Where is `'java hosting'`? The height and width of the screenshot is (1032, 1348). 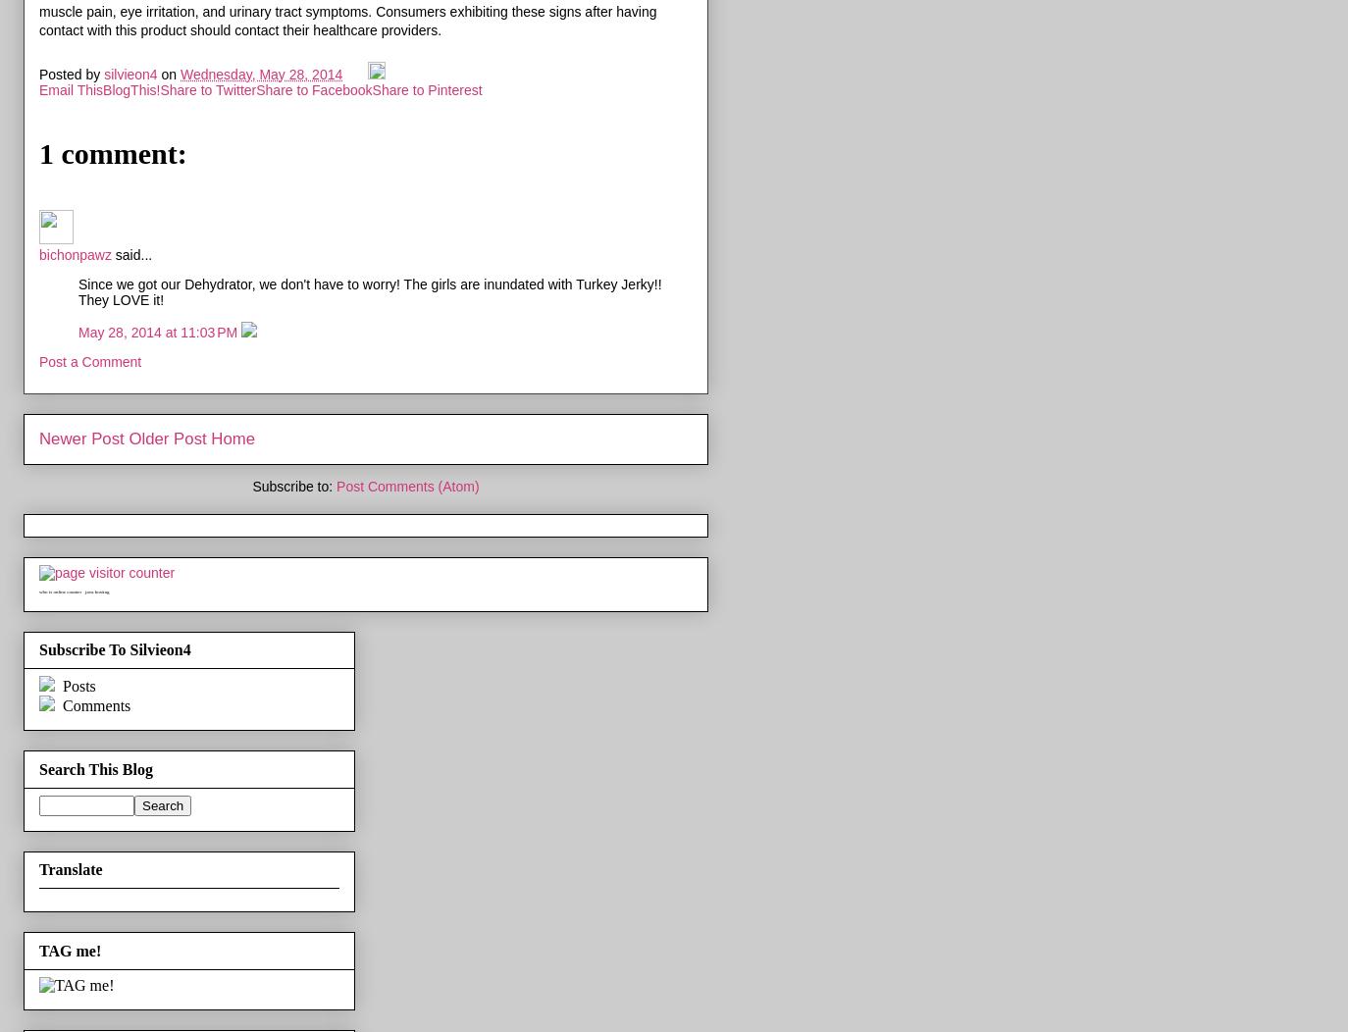 'java hosting' is located at coordinates (96, 590).